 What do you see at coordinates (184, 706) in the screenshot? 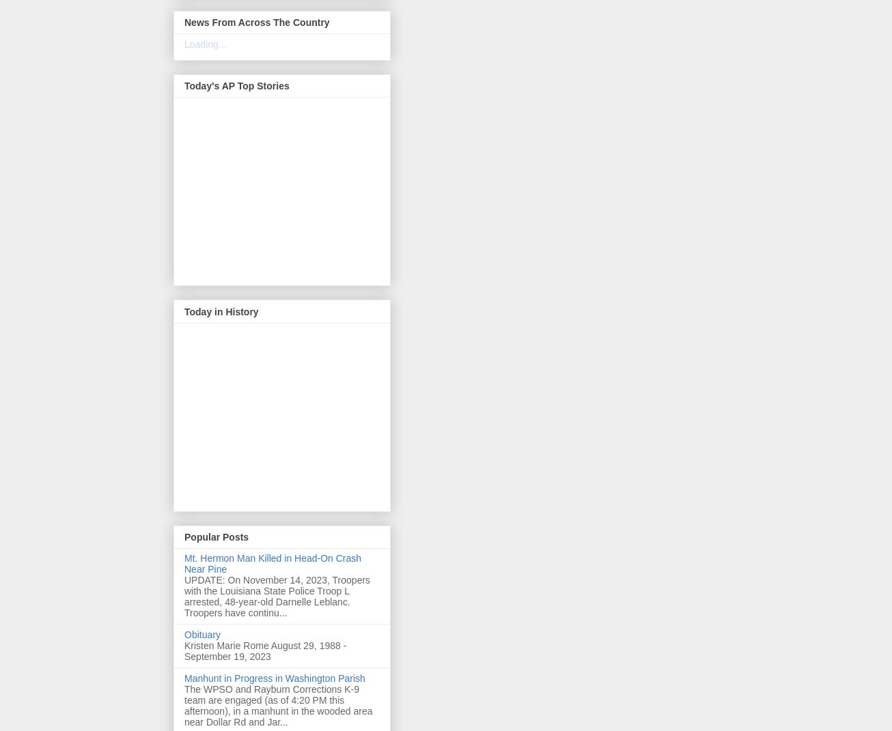
I see `'The WPSO and Rayburn Corrections K-9 team are engaged (as of 4:20 PM this afternoon), in a manhunt in the wooded area near Dollar Rd and Jar...'` at bounding box center [184, 706].